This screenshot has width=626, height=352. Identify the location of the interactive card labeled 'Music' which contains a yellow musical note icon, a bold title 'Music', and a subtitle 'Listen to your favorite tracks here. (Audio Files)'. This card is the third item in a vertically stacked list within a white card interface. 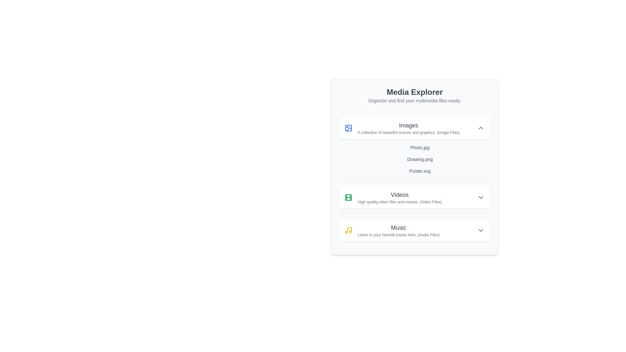
(392, 230).